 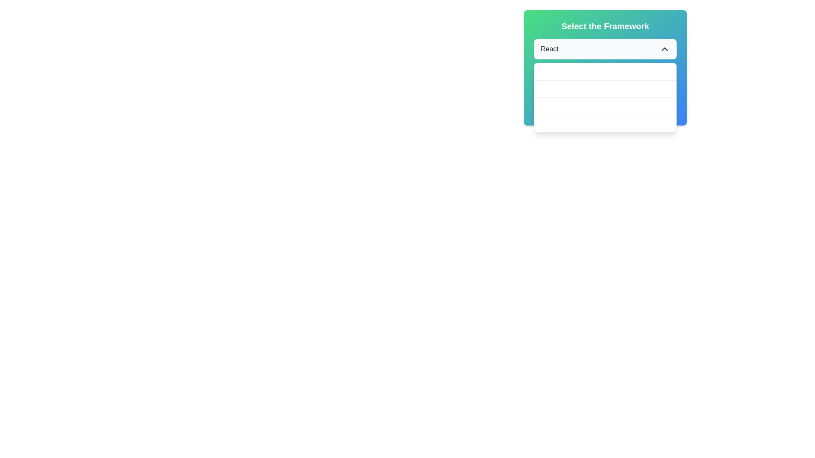 What do you see at coordinates (604, 106) in the screenshot?
I see `the dropdown item labeled 'Angular'` at bounding box center [604, 106].